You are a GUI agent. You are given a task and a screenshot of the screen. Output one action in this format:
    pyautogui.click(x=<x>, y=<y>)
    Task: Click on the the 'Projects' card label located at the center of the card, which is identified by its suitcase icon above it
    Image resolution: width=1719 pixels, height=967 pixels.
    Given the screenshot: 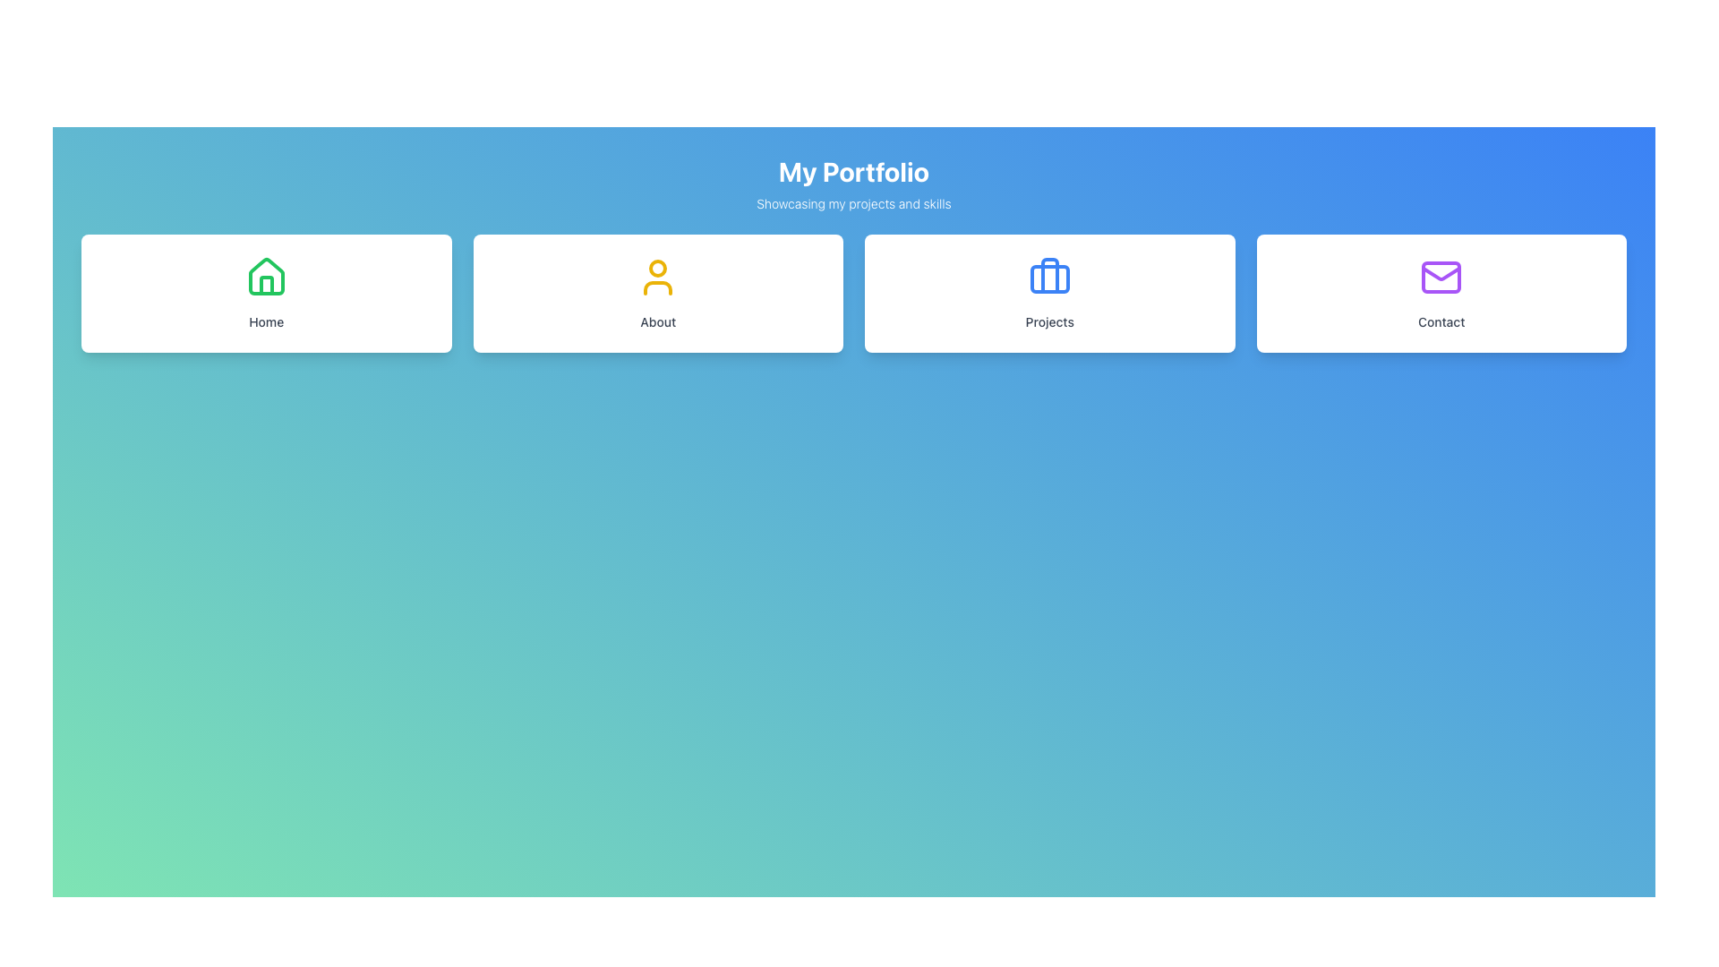 What is the action you would take?
    pyautogui.click(x=1049, y=321)
    